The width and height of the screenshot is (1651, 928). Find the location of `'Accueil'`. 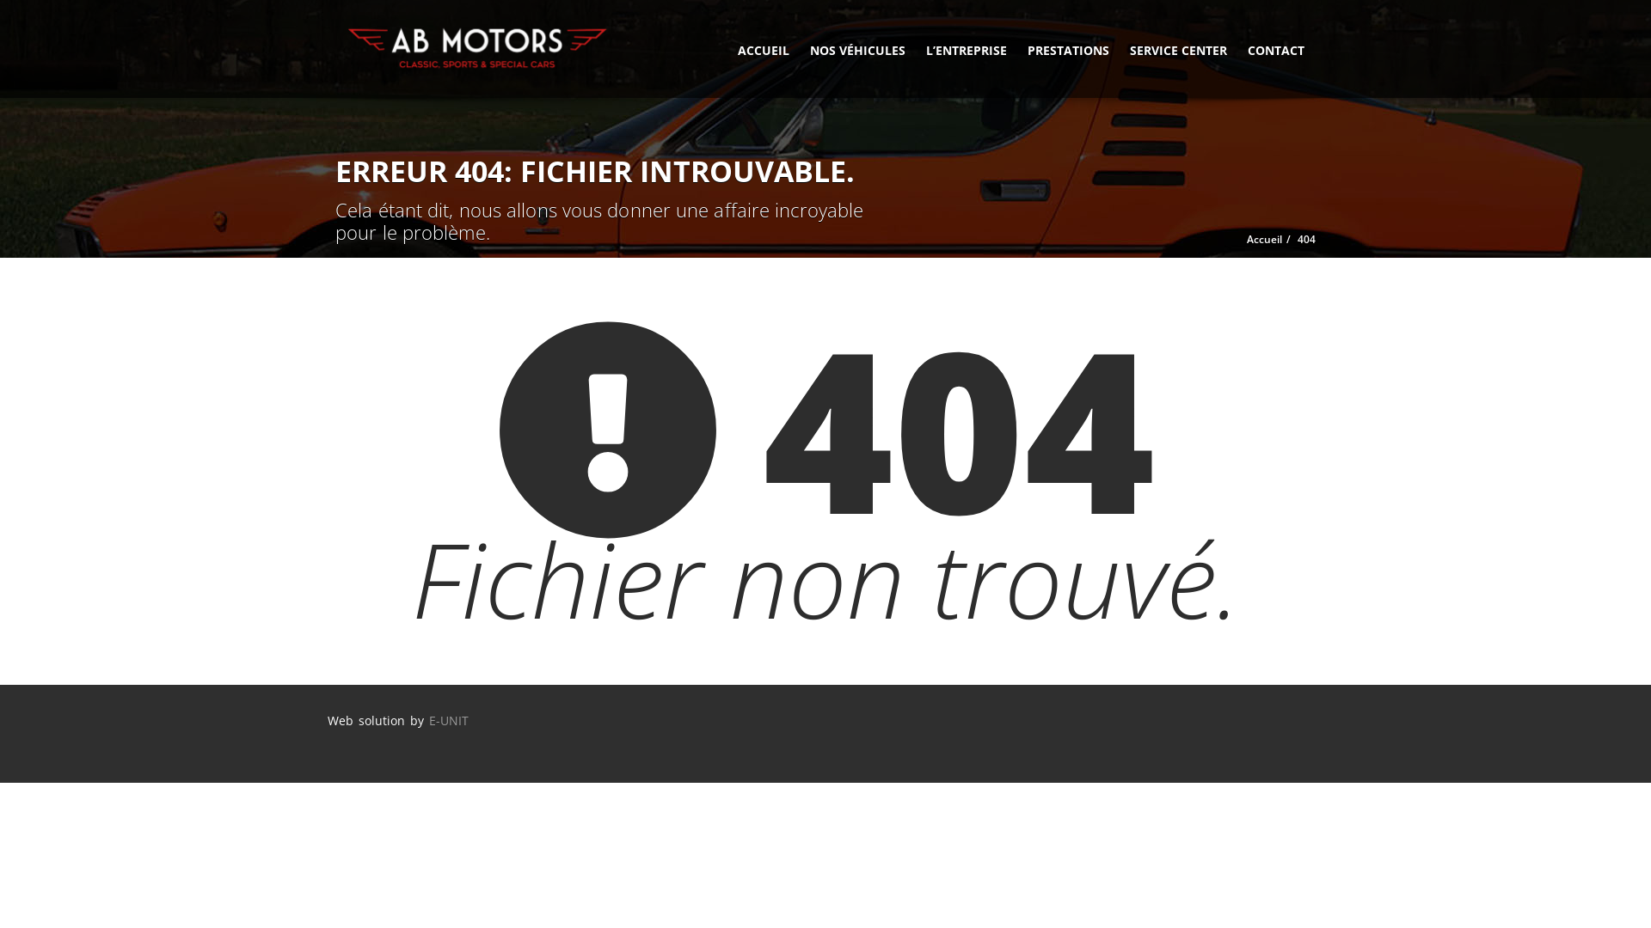

'Accueil' is located at coordinates (1264, 239).